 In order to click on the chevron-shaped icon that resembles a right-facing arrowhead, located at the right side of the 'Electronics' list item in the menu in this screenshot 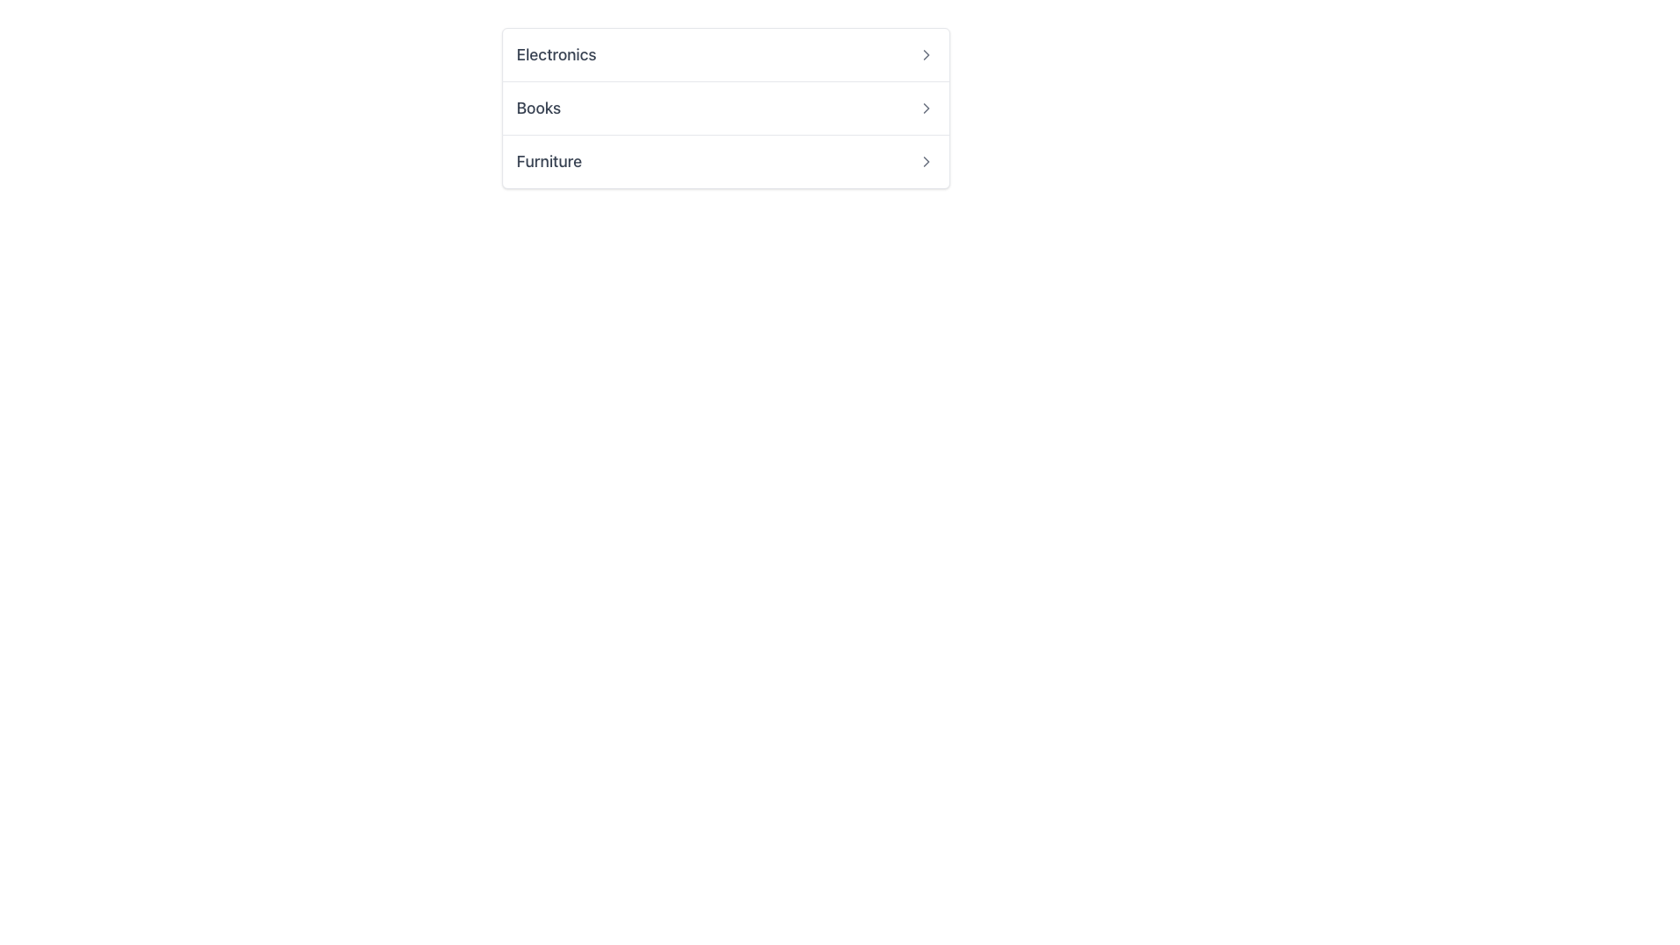, I will do `click(925, 53)`.